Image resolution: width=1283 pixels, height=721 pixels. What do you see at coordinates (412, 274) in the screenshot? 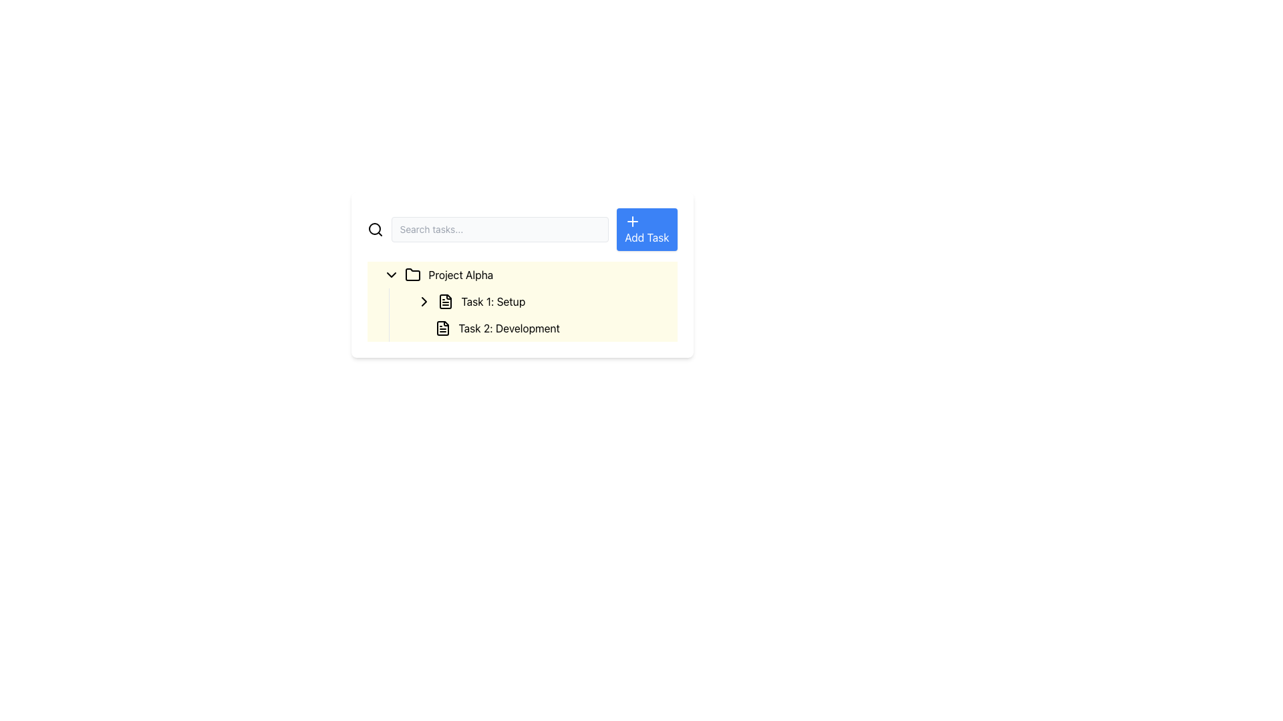
I see `the folder icon representing 'Project Alpha'` at bounding box center [412, 274].